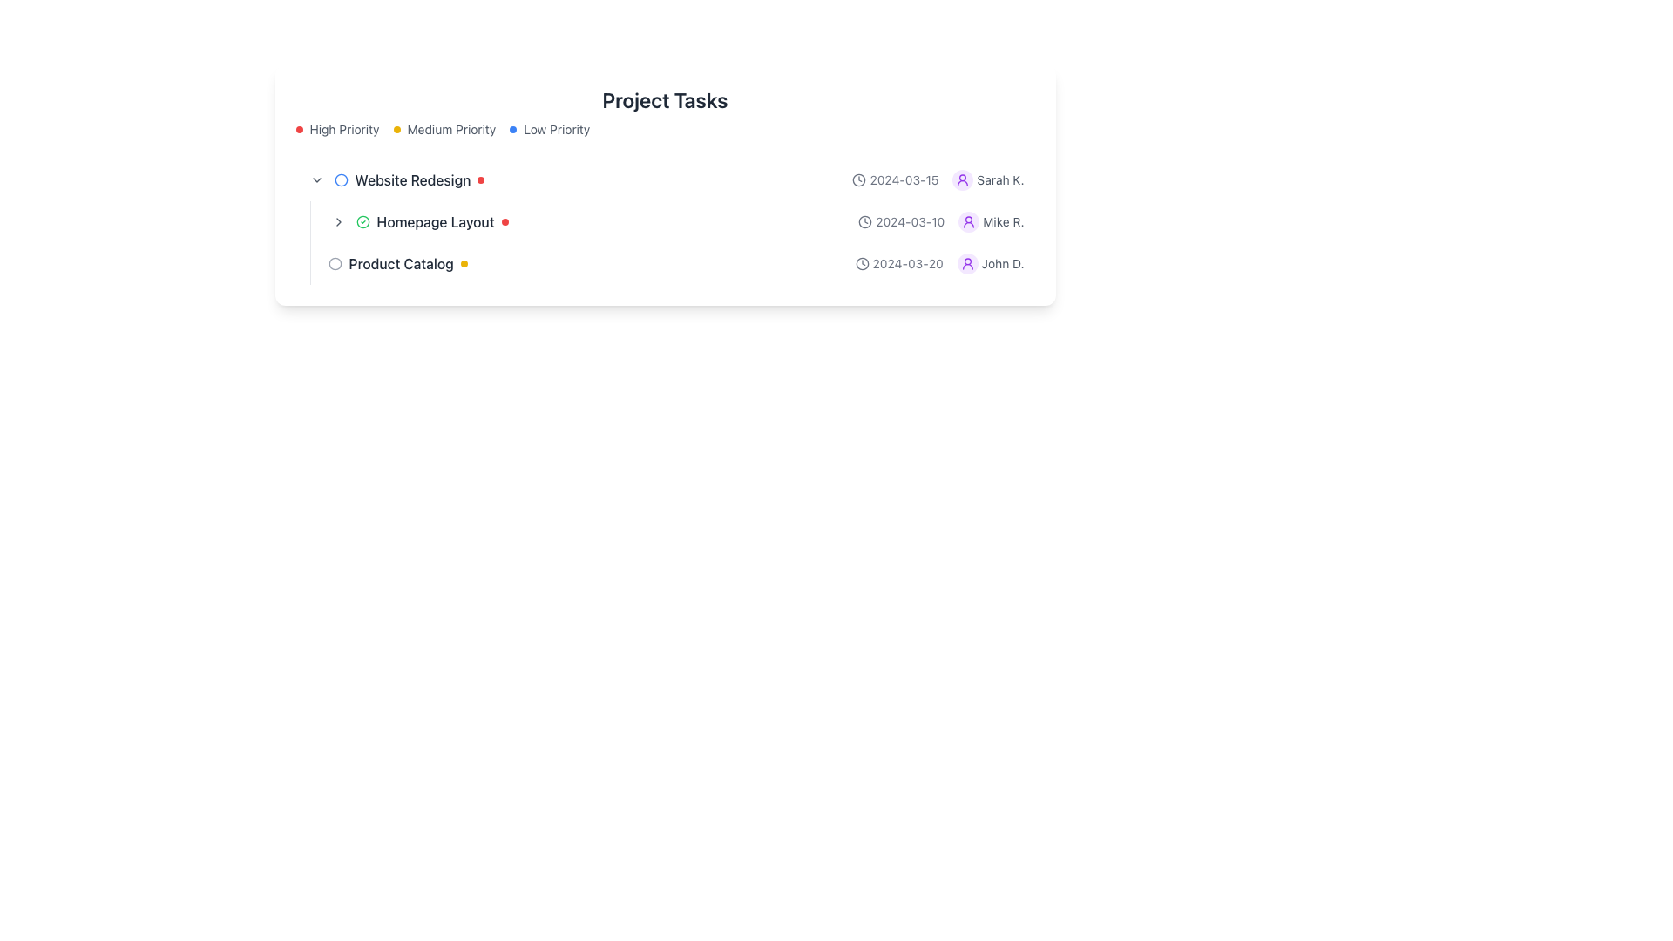 Image resolution: width=1673 pixels, height=941 pixels. I want to click on date information displayed in the static text element associated with the task labeled 'Homepage Layout', located in the second row of the task list, so click(901, 220).